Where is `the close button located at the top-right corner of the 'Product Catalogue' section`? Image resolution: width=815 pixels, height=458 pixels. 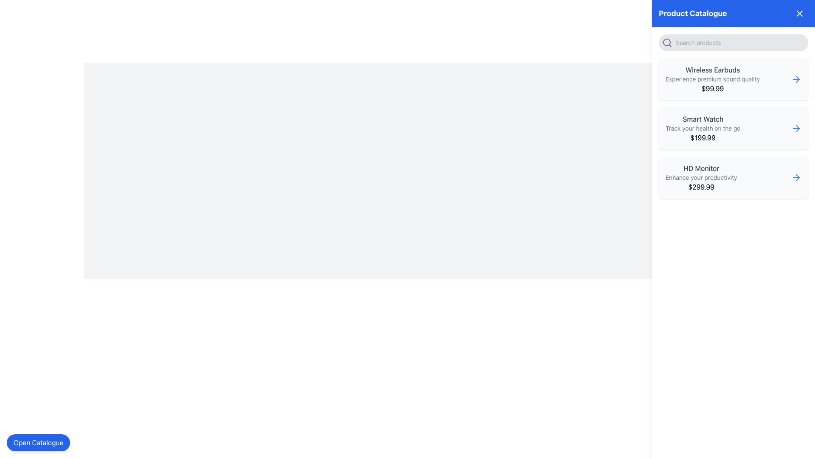
the close button located at the top-right corner of the 'Product Catalogue' section is located at coordinates (799, 13).